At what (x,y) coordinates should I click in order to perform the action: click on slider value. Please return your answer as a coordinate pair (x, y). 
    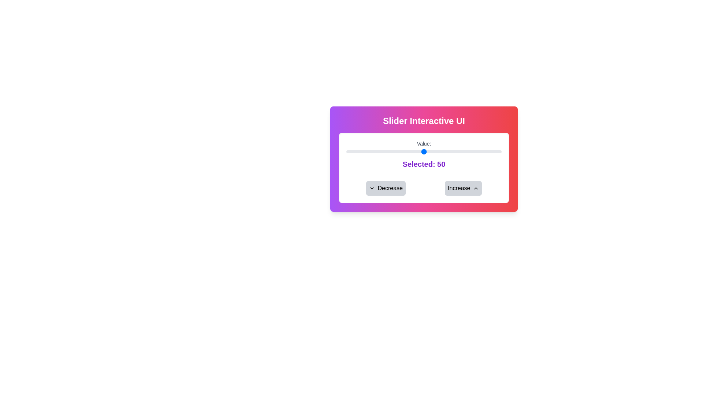
    Looking at the image, I should click on (347, 151).